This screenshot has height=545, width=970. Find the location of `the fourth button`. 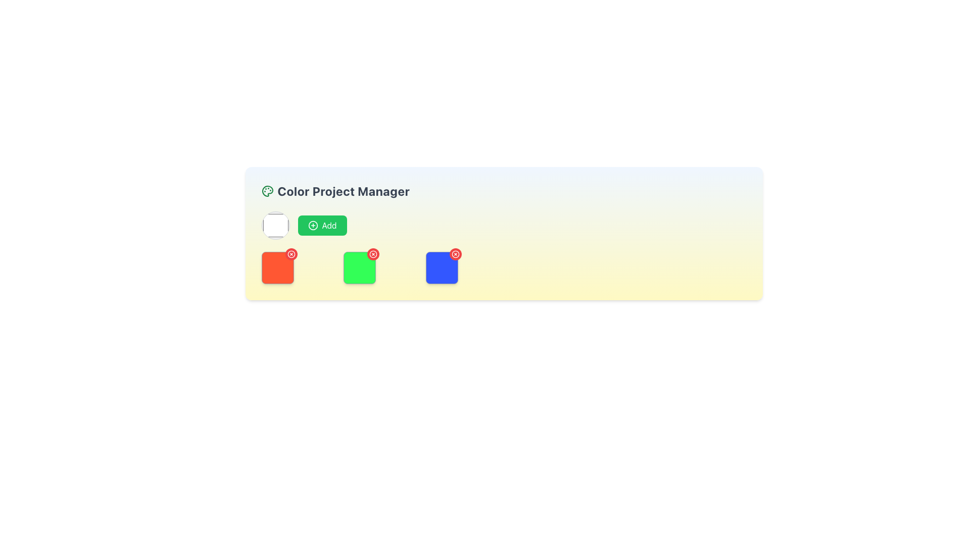

the fourth button is located at coordinates (442, 267).